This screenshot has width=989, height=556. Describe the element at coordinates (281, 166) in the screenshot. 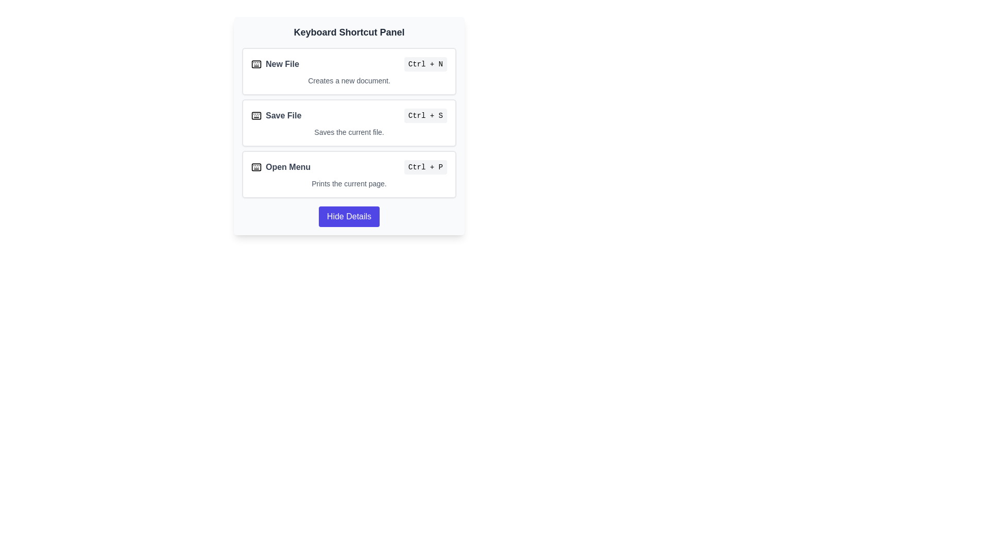

I see `associated keyboard shortcut for the 'Open Menu' text element, which displays 'Ctrl + P' to the right of it` at that location.